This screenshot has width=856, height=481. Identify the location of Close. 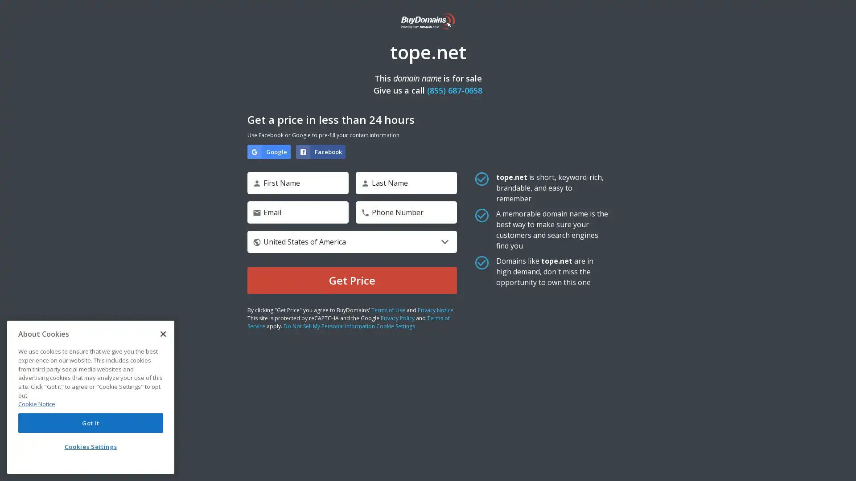
(163, 334).